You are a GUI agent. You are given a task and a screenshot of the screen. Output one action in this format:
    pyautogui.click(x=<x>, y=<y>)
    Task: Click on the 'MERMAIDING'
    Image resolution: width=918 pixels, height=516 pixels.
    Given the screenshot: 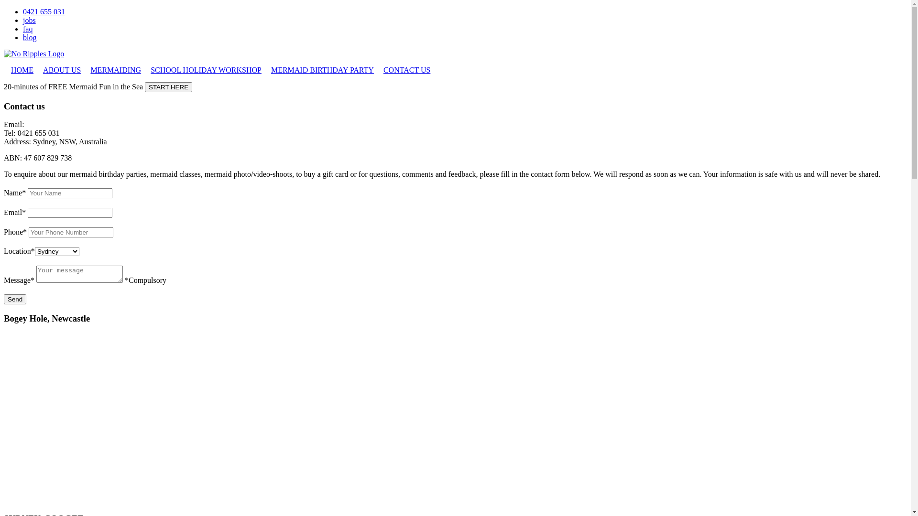 What is the action you would take?
    pyautogui.click(x=115, y=69)
    